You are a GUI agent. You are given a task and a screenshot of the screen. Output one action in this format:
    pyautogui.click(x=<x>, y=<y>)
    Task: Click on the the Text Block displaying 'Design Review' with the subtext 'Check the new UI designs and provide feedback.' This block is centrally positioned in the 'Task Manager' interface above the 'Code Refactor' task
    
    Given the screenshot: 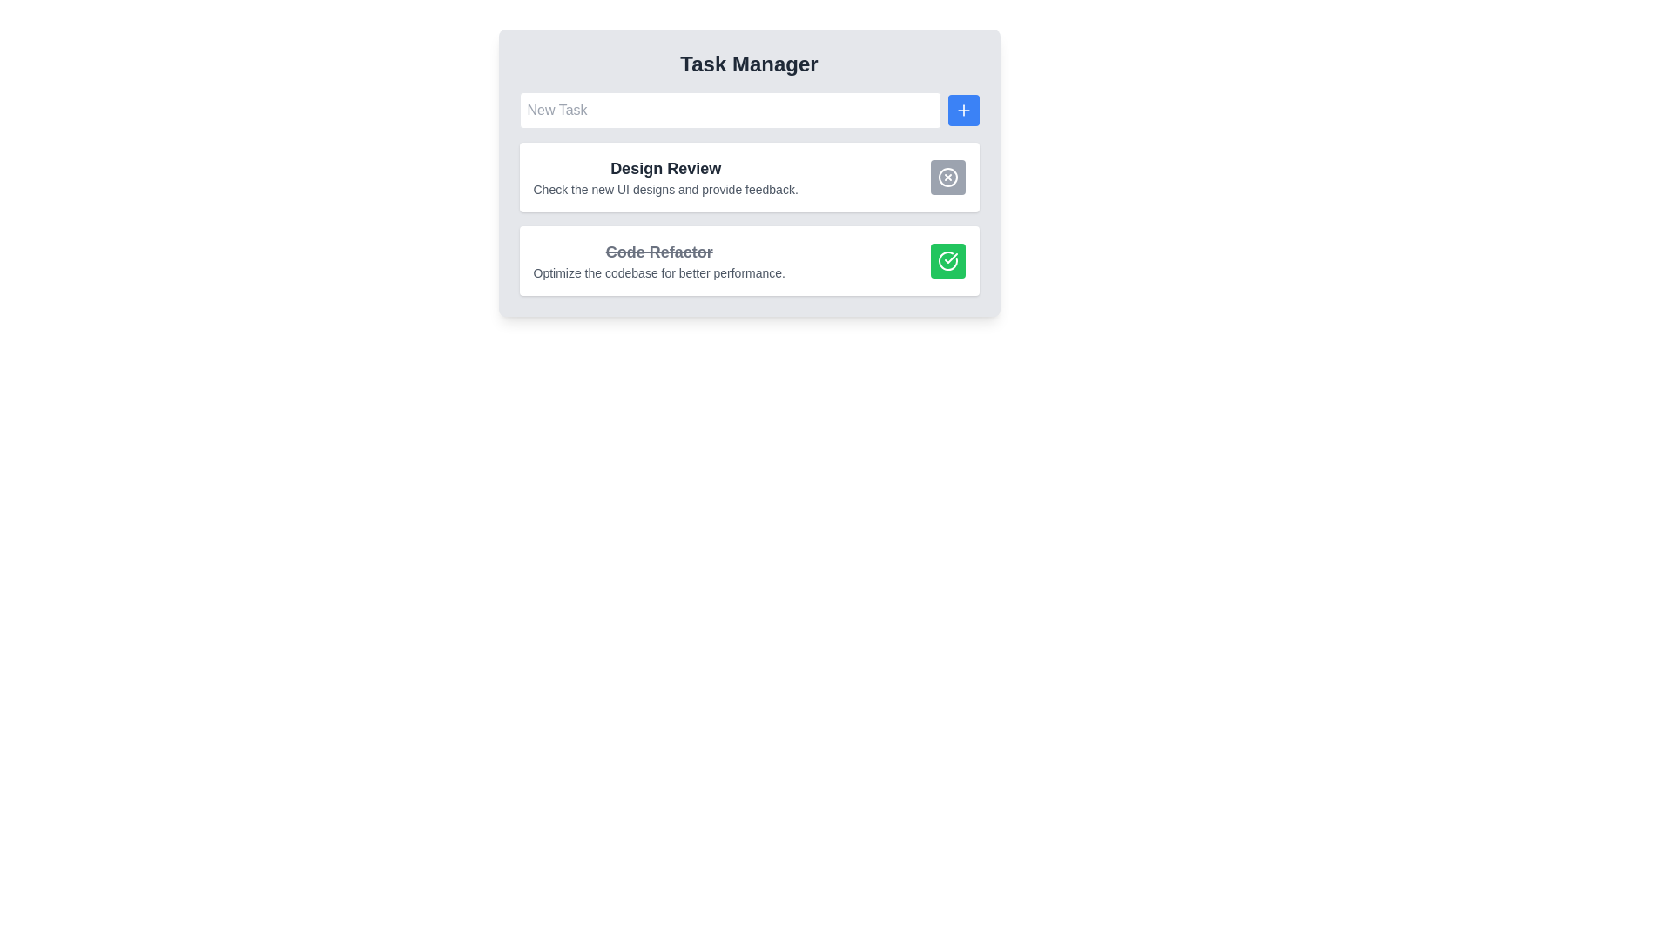 What is the action you would take?
    pyautogui.click(x=664, y=178)
    